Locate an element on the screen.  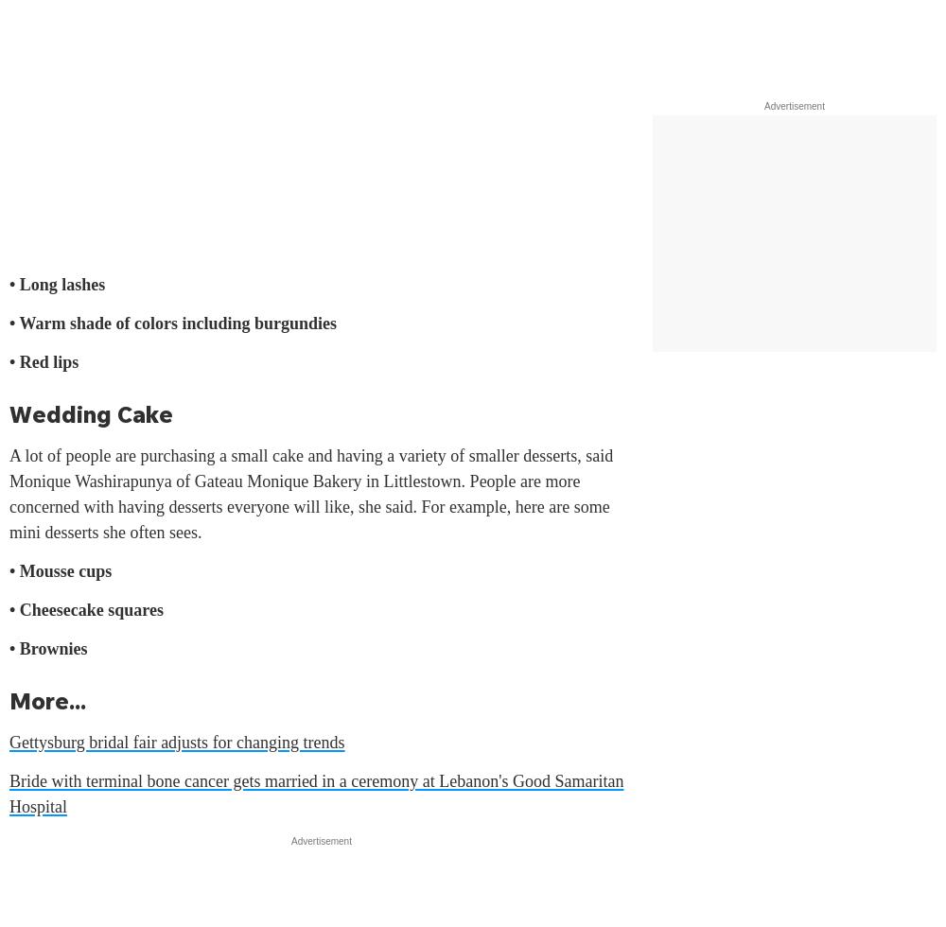
'• Long lashes' is located at coordinates (57, 284).